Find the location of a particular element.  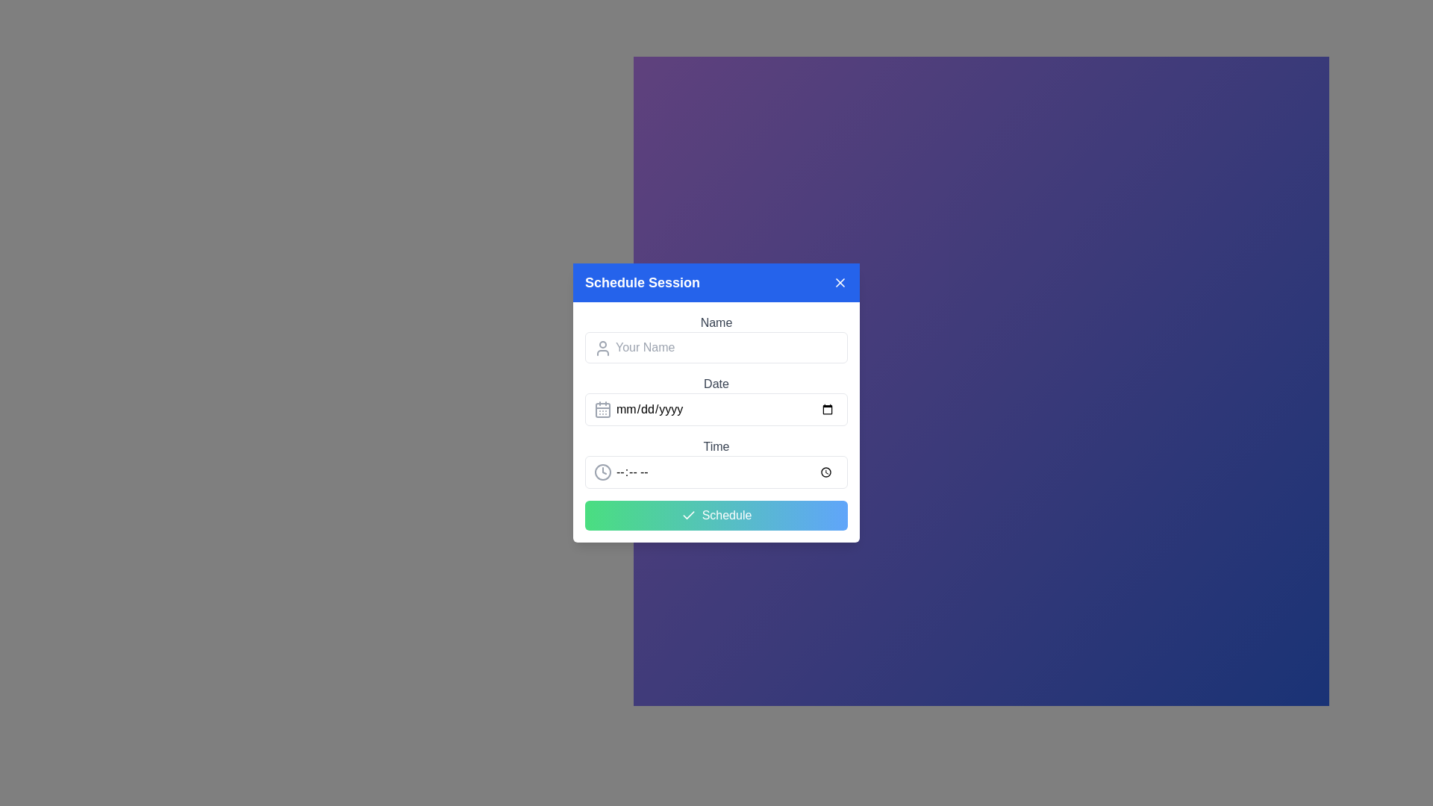

the checkmark icon located on the left side of the 'Schedule' button is located at coordinates (687, 514).